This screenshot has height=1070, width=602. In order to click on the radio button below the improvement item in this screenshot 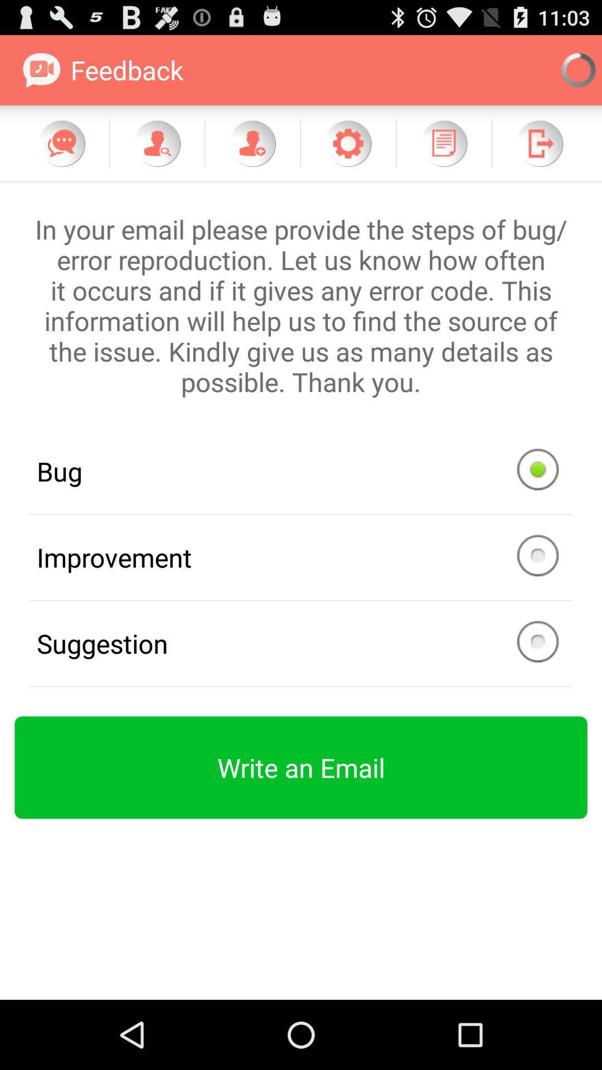, I will do `click(301, 644)`.